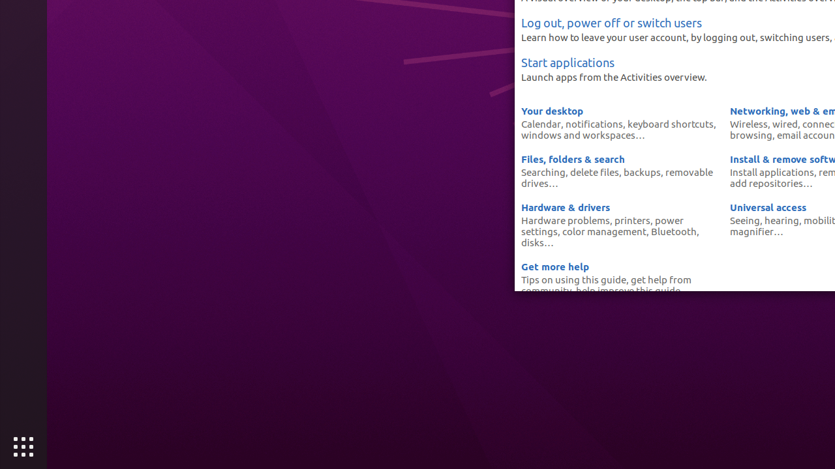 Image resolution: width=835 pixels, height=469 pixels. I want to click on 'notifications', so click(593, 124).